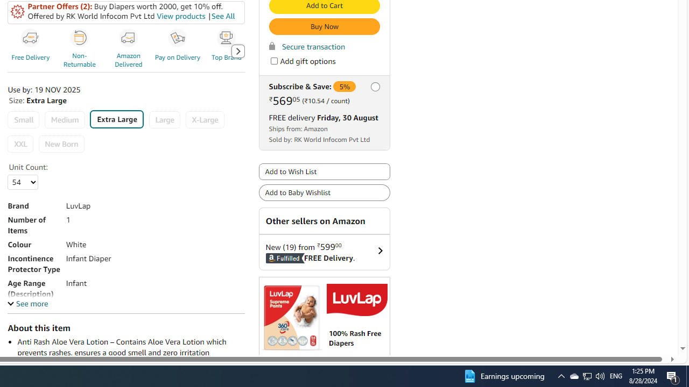  Describe the element at coordinates (32, 51) in the screenshot. I see `'Free Delivery'` at that location.